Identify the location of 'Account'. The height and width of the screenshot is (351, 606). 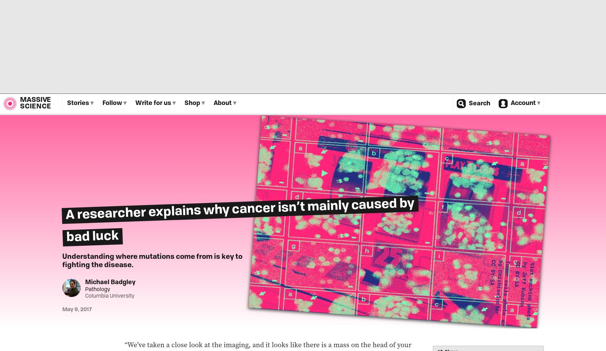
(523, 103).